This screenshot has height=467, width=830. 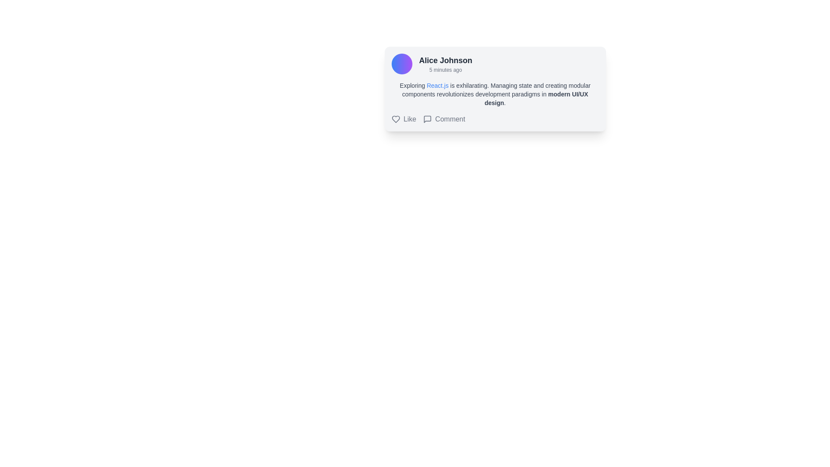 I want to click on the text label indicating the 'like' action, which is positioned to the right of the heart icon and before the 'Comment' button below a user post, so click(x=409, y=119).